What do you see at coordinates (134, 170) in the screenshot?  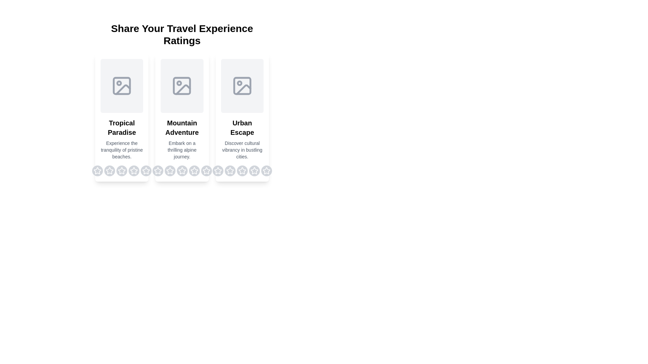 I see `the rating for a destination to 4 stars by clicking on the corresponding star for the destination Tropical Paradise` at bounding box center [134, 170].